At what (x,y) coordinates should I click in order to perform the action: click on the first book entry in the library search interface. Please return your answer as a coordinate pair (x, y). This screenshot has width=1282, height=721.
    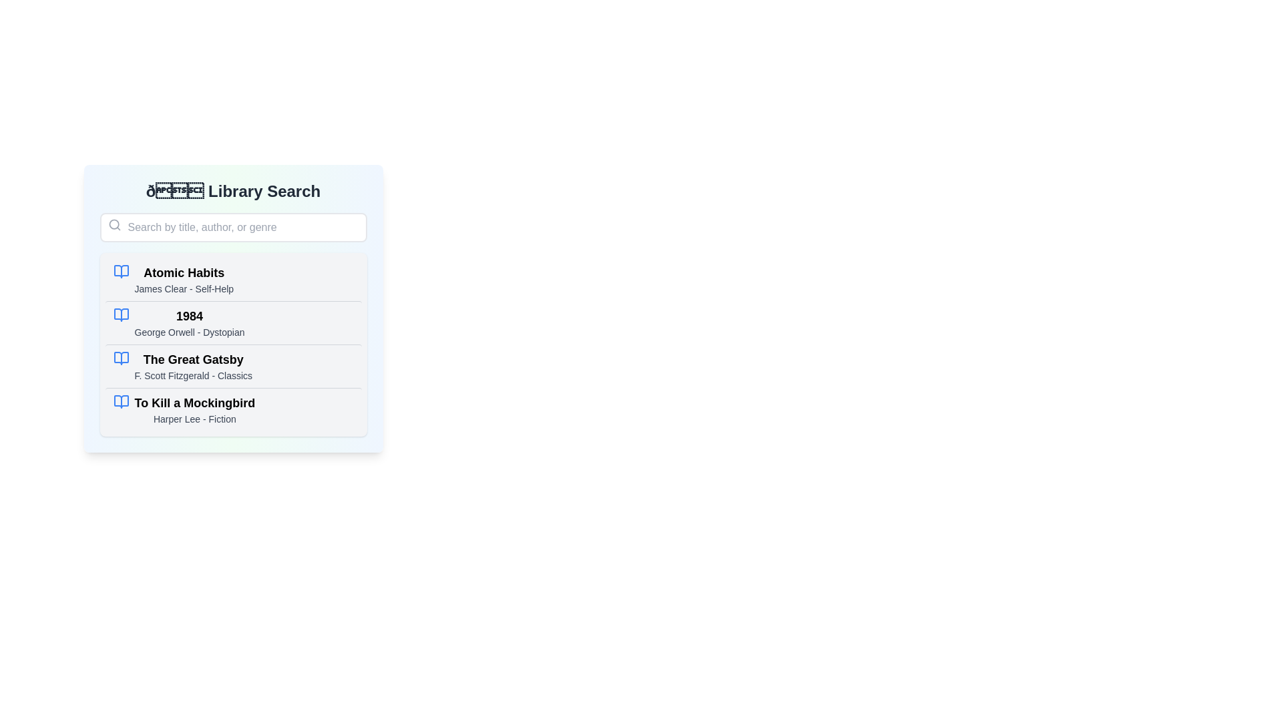
    Looking at the image, I should click on (233, 279).